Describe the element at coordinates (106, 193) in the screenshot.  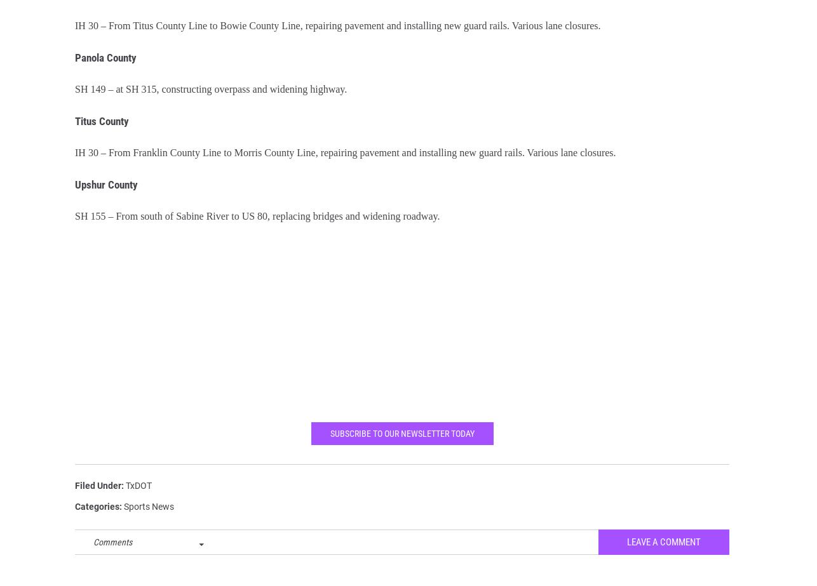
I see `'Upshur County'` at that location.